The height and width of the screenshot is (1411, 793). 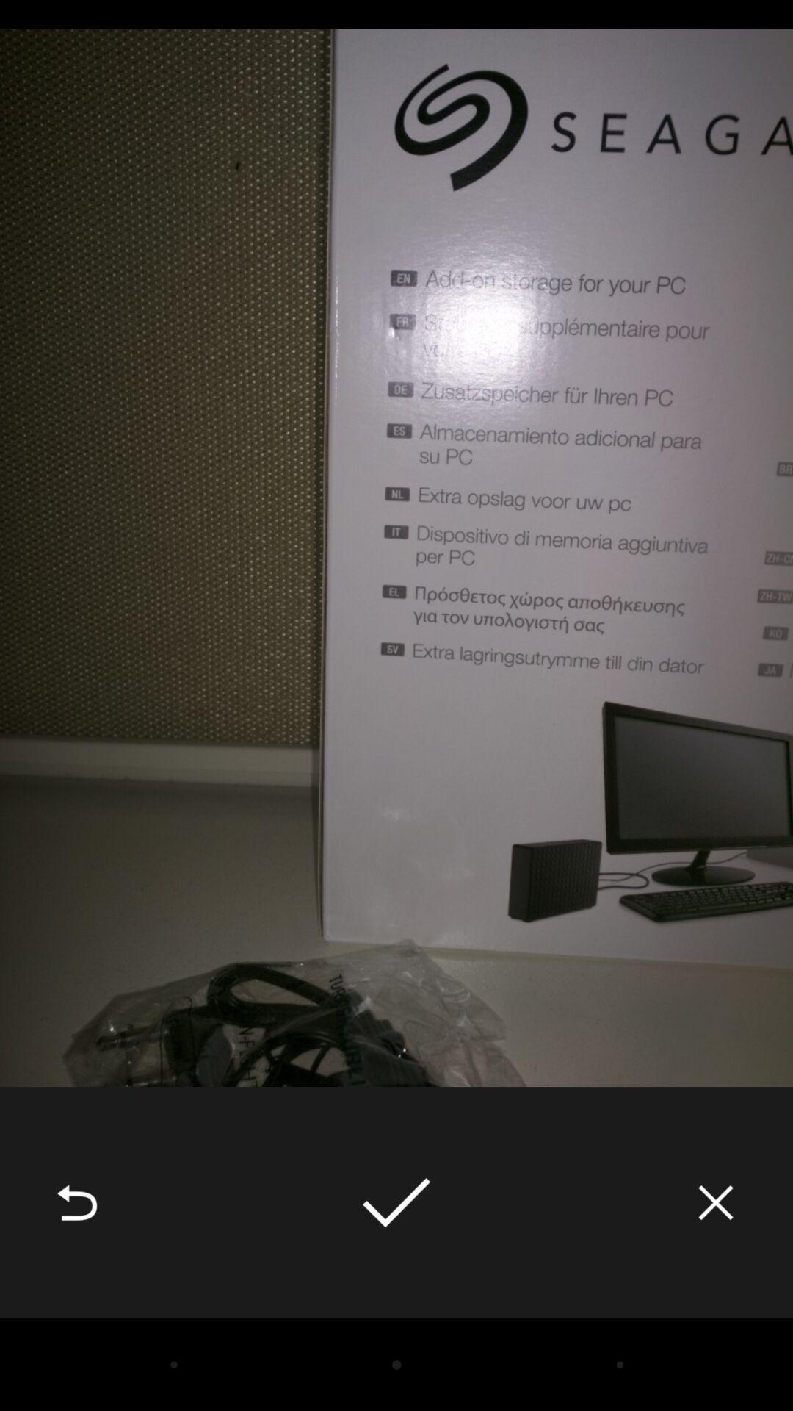 I want to click on the icon at the bottom left corner, so click(x=76, y=1202).